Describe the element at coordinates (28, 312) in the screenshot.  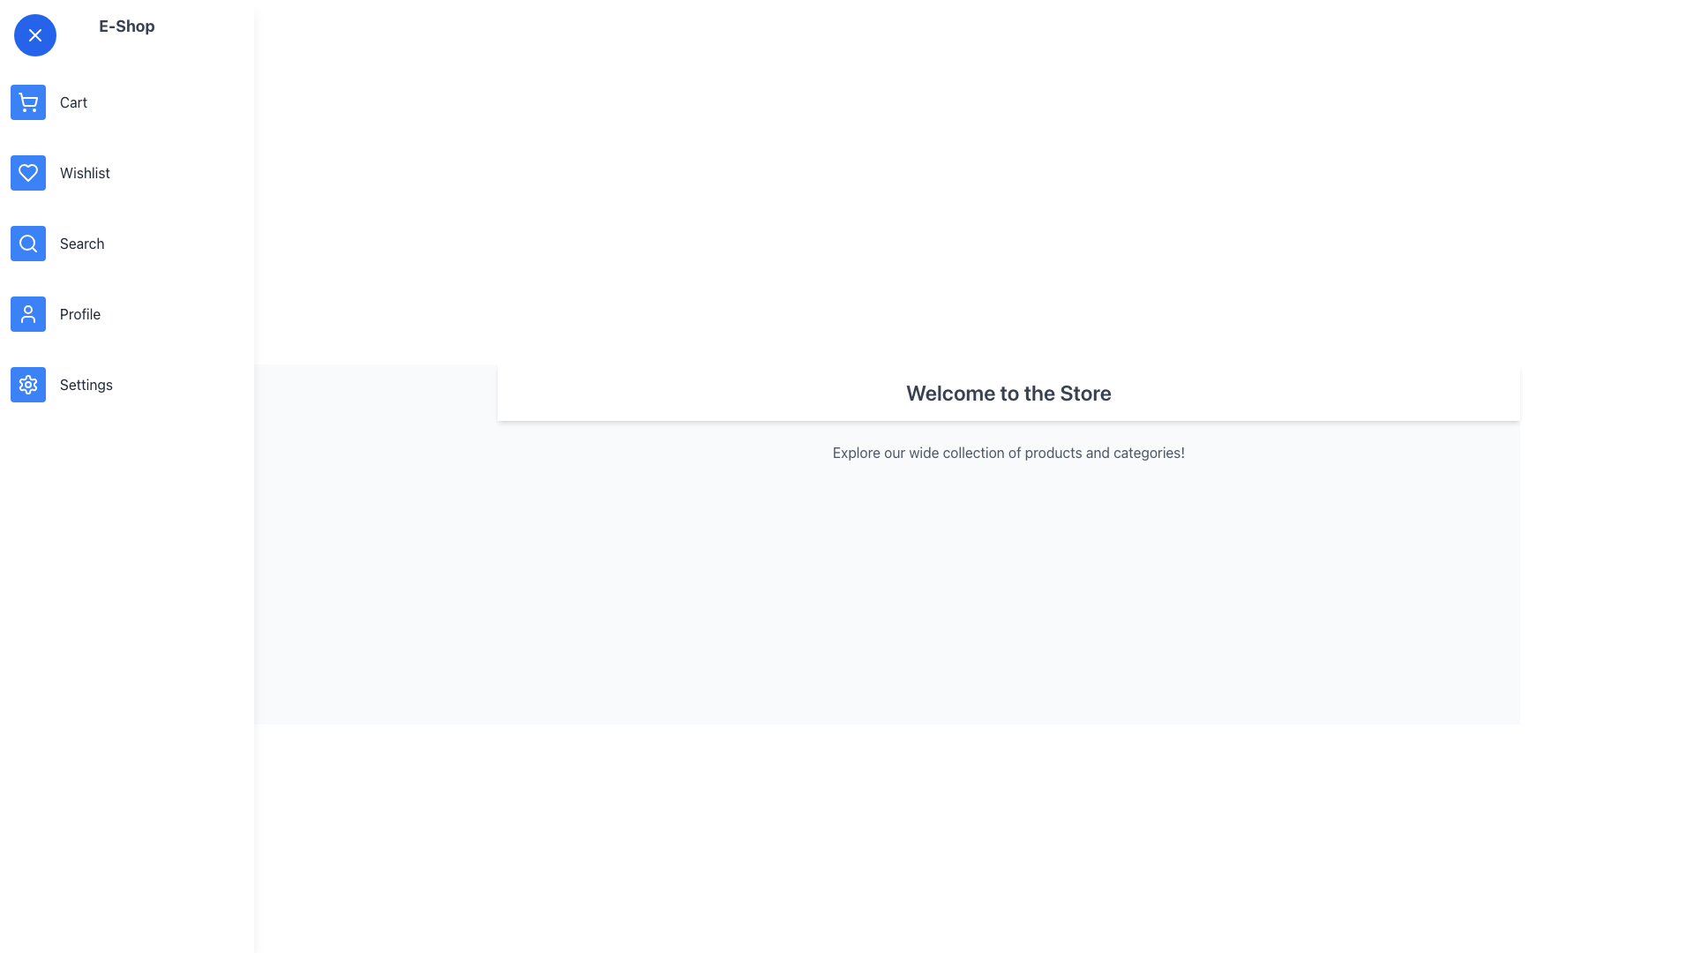
I see `the rounded blue button with a white user icon located in the left sidebar menu under the 'Profile' label` at that location.